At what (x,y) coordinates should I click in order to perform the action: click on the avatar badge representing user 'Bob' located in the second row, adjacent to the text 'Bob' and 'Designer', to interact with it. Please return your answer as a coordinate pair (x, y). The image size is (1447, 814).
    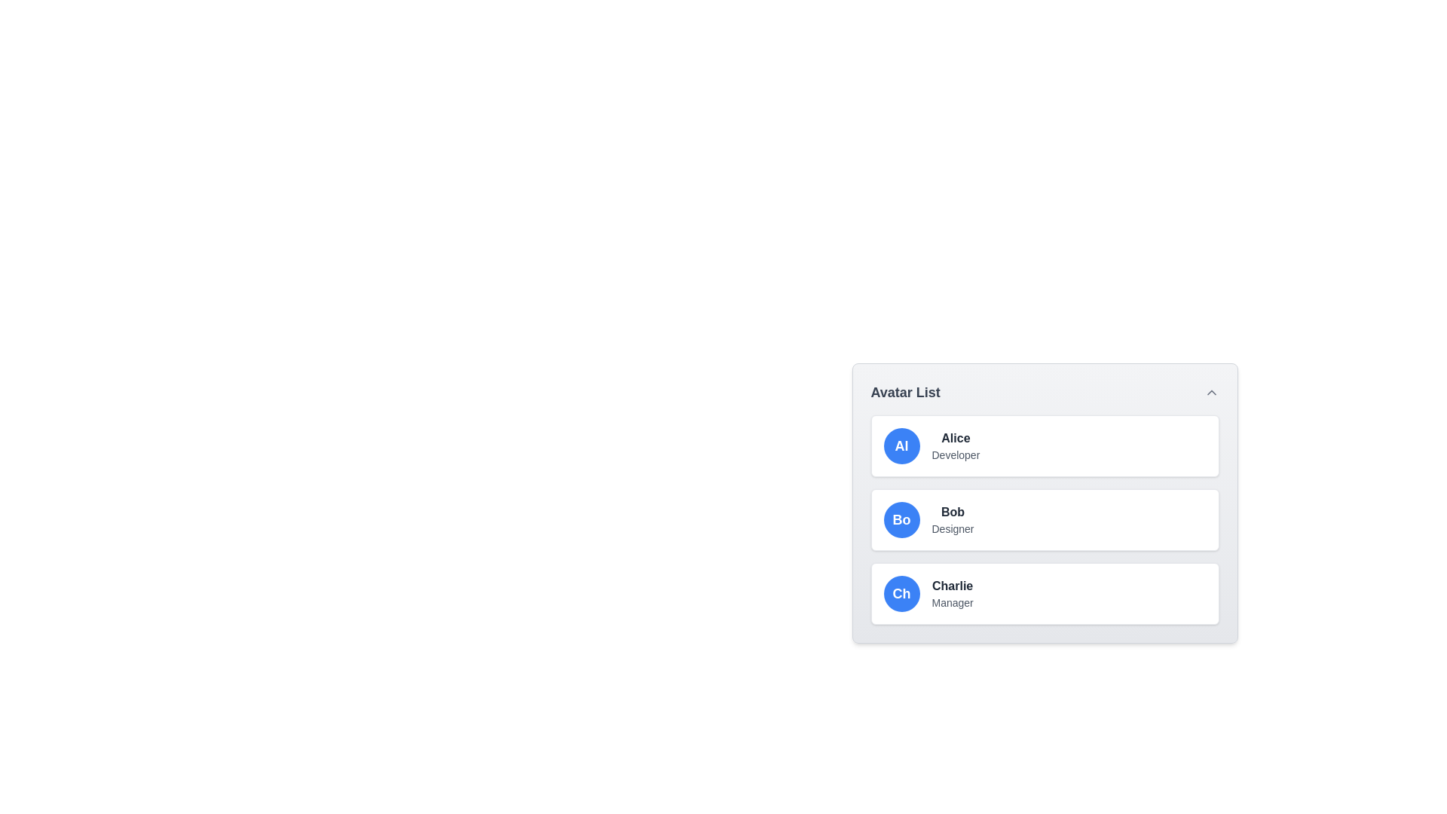
    Looking at the image, I should click on (901, 519).